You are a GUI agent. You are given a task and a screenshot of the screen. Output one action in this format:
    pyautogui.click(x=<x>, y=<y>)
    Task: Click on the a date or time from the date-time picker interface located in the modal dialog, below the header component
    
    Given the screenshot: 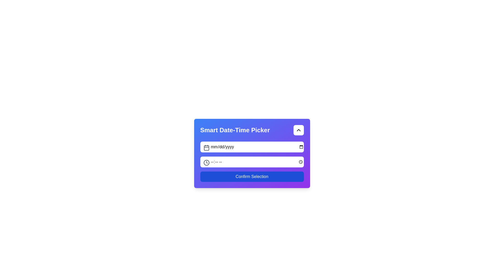 What is the action you would take?
    pyautogui.click(x=252, y=153)
    